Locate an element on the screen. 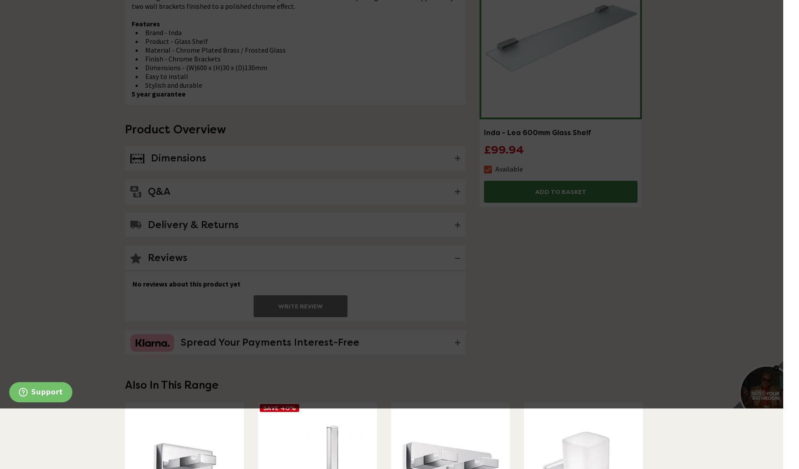 This screenshot has height=469, width=799. '5 year guarantee' is located at coordinates (158, 93).